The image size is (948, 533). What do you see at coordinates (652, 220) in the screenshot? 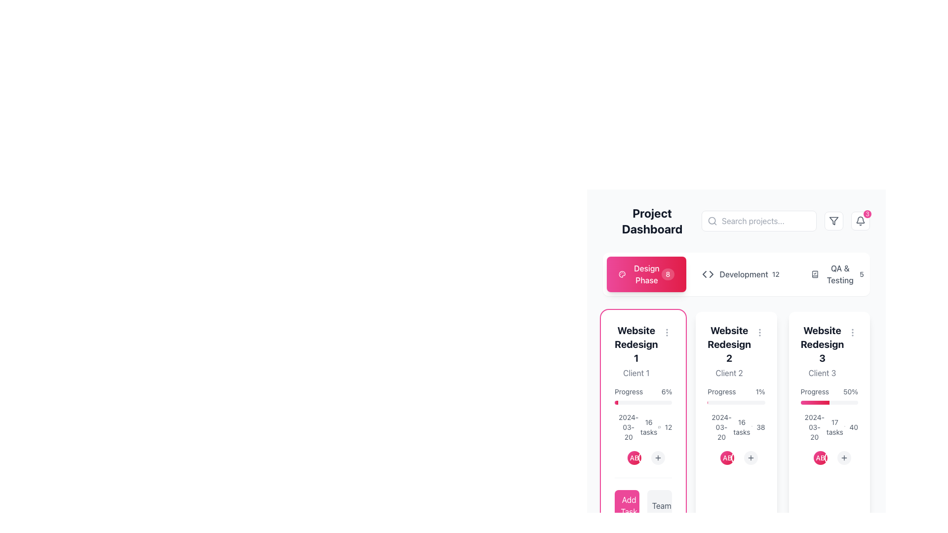
I see `the text label displaying 'Project Dashboard', which is styled in a bold and large font in grayish-black color, located at the top-left area of the panel` at bounding box center [652, 220].